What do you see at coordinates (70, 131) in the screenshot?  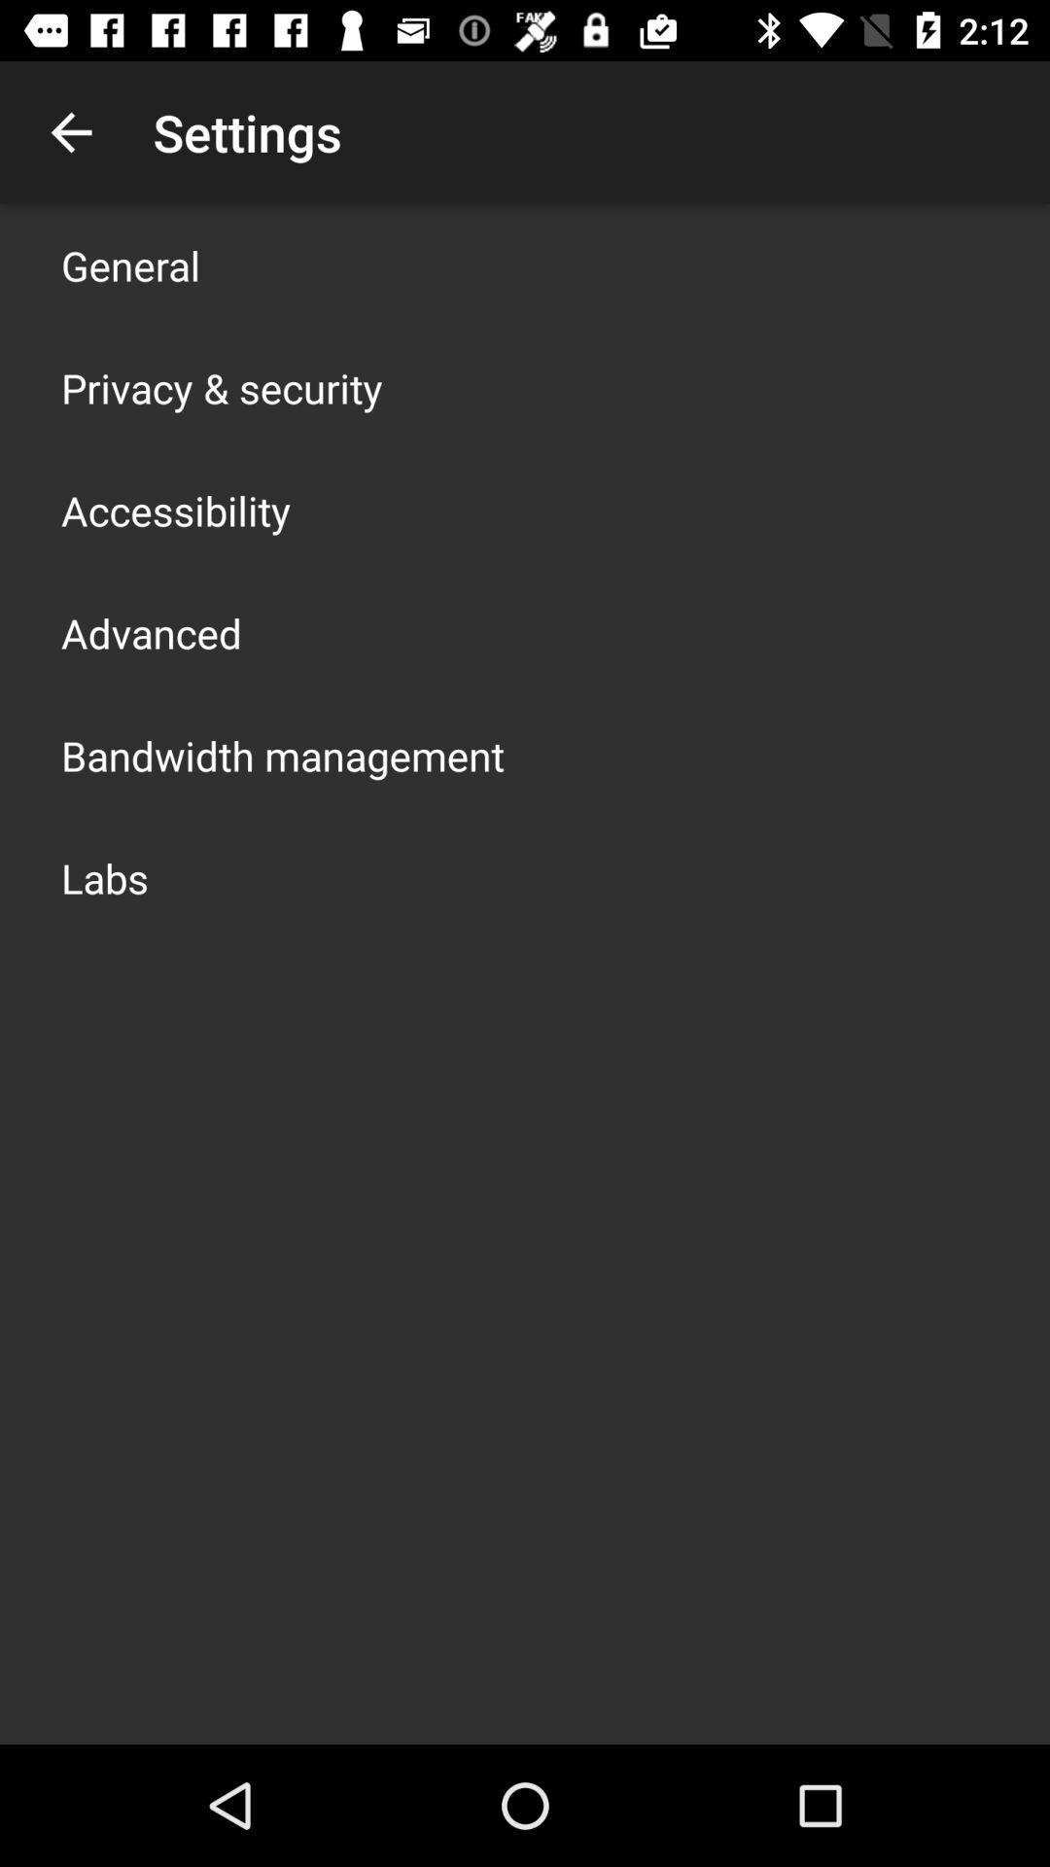 I see `the item next to the settings icon` at bounding box center [70, 131].